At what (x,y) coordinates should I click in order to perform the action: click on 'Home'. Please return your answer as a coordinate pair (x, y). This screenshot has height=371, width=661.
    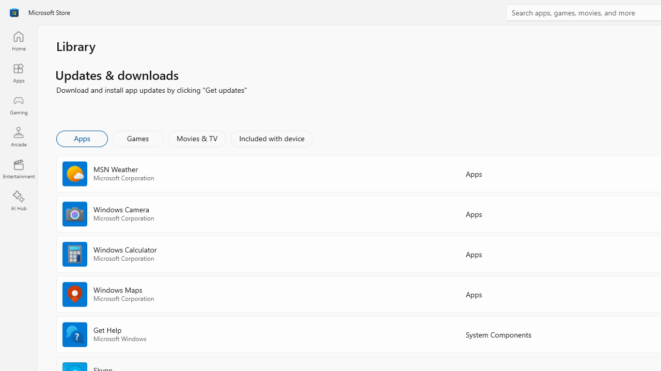
    Looking at the image, I should click on (18, 40).